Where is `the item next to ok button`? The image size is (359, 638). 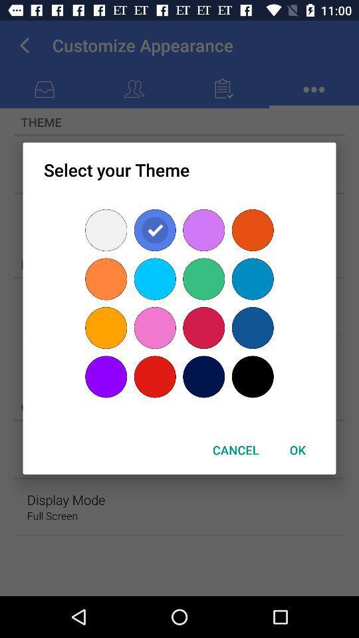 the item next to ok button is located at coordinates (235, 450).